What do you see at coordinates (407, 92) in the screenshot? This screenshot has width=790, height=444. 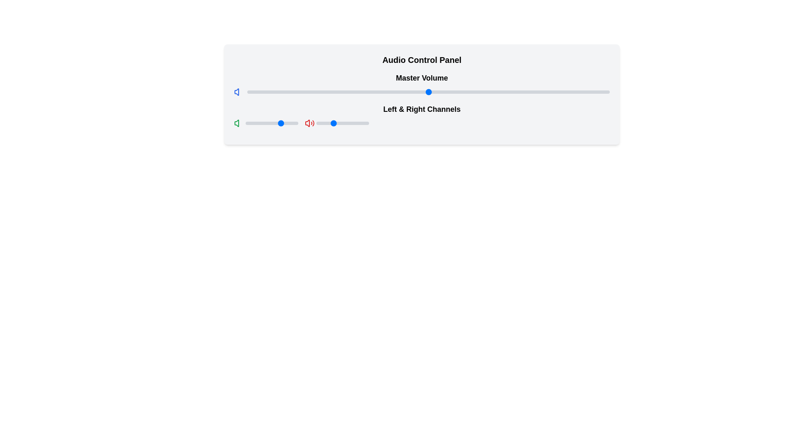 I see `the master volume` at bounding box center [407, 92].